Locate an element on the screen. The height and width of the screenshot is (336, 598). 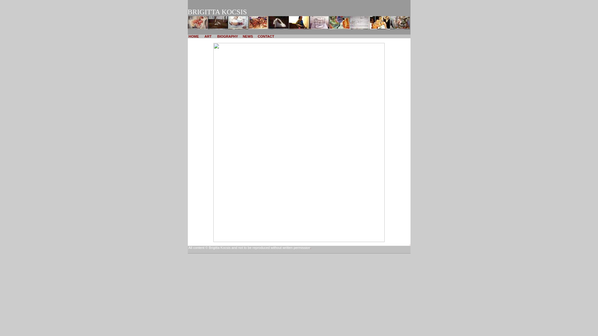
'BIOGRAPHY' is located at coordinates (216, 36).